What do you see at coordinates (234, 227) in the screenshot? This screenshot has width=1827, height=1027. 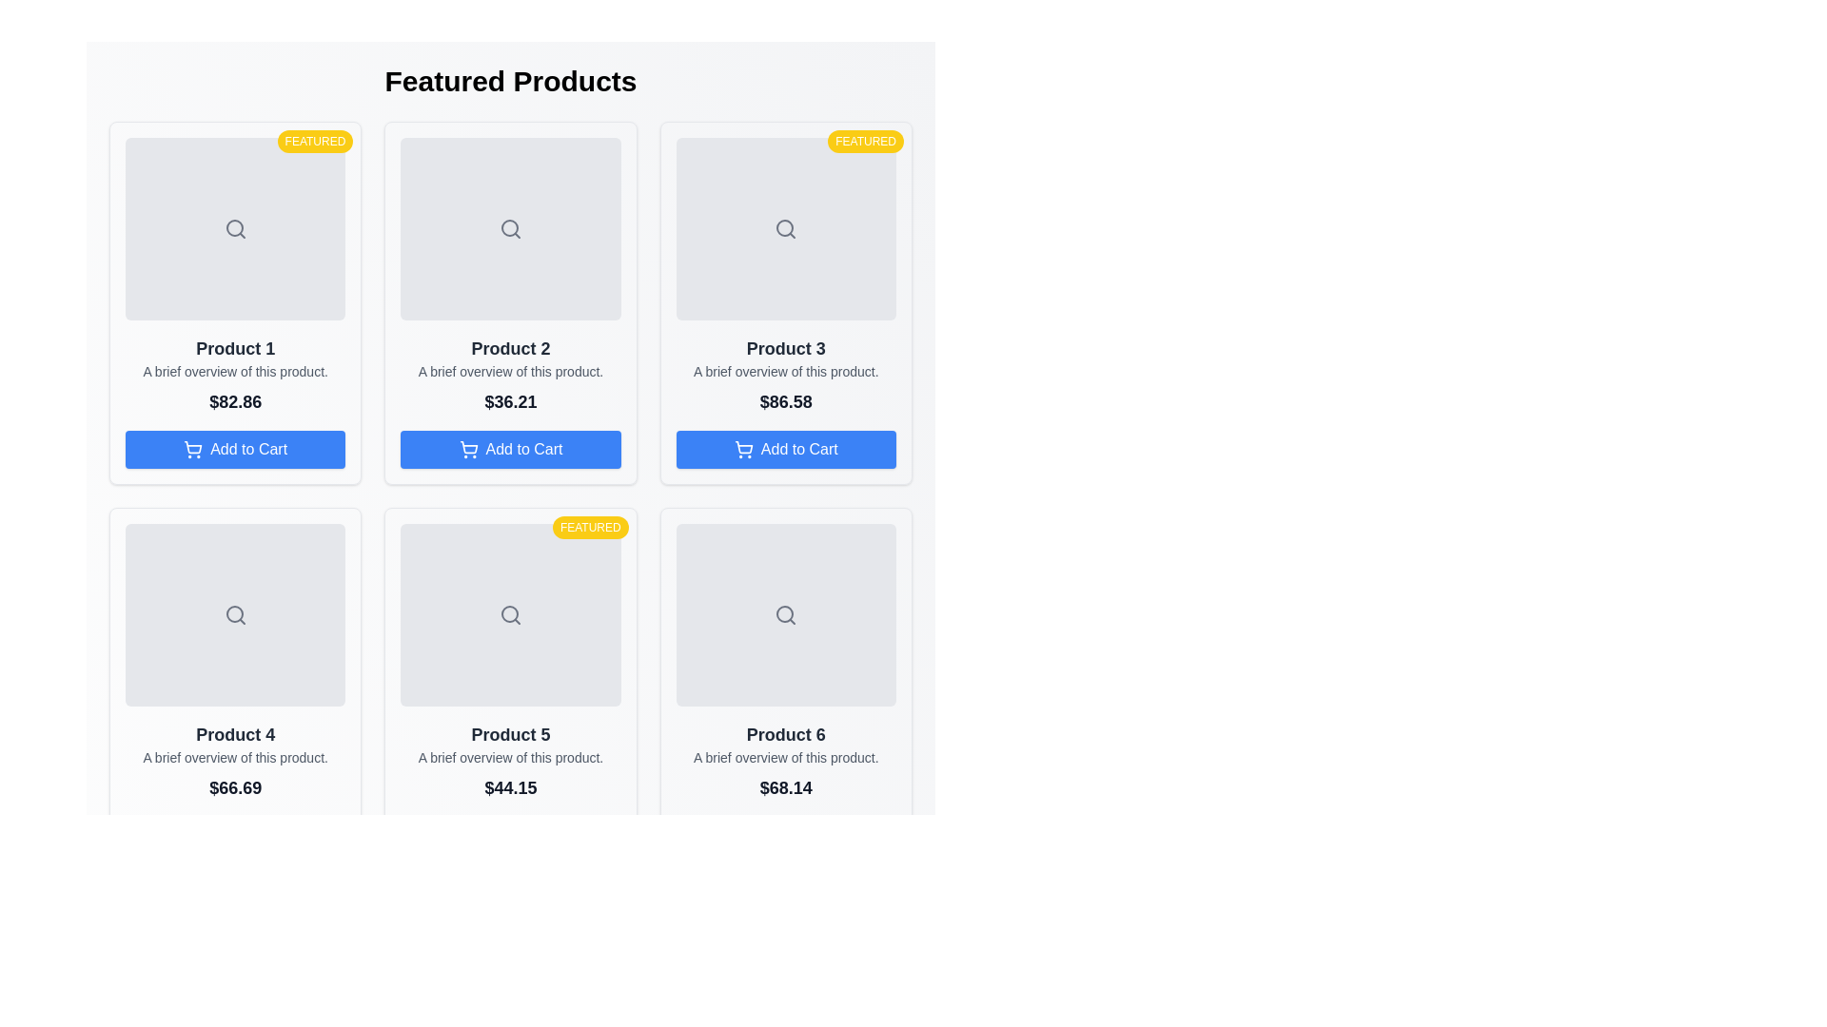 I see `the image placeholder located at the top-left of the grid layout under the title 'Featured Products'` at bounding box center [234, 227].